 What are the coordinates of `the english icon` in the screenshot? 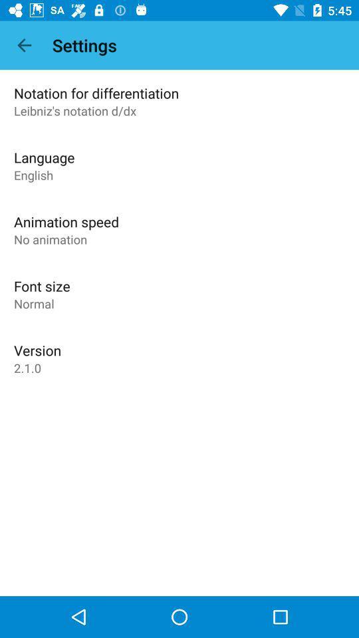 It's located at (33, 174).